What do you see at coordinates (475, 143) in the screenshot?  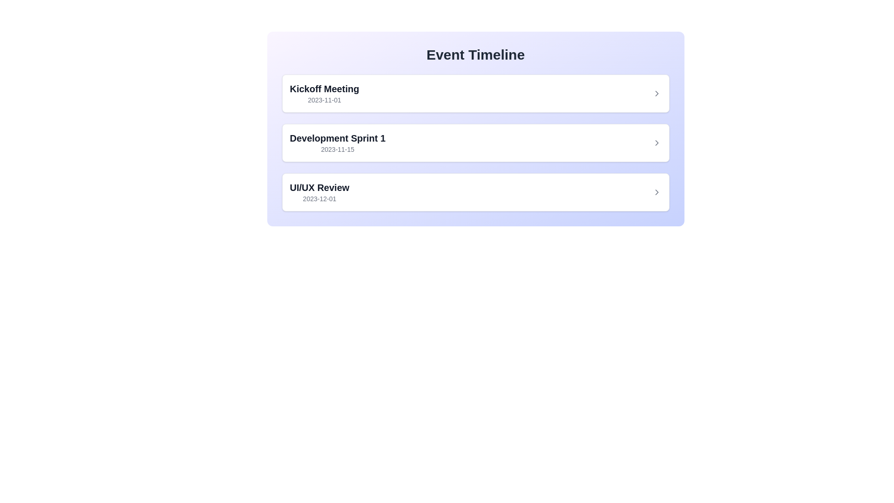 I see `the event entry card for 'Development Sprint 1' located in the timeline` at bounding box center [475, 143].